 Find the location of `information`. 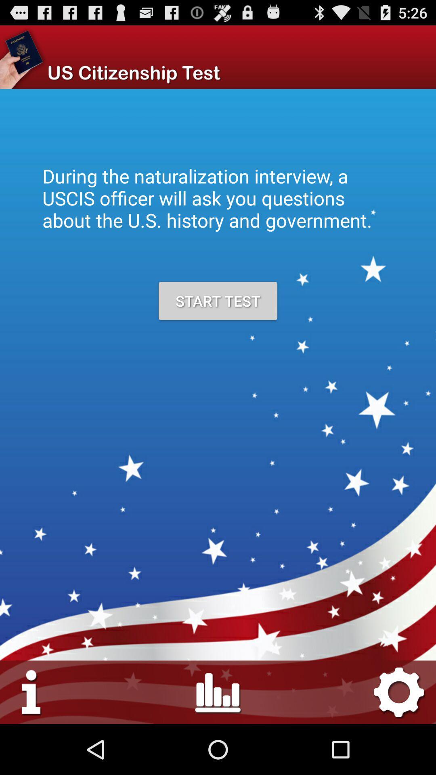

information is located at coordinates (31, 691).